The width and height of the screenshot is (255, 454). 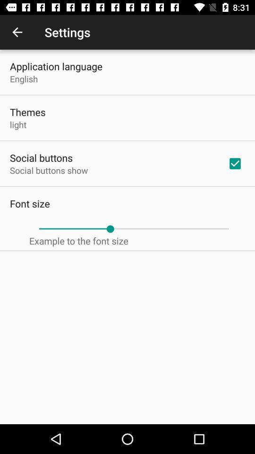 I want to click on item above social buttons icon, so click(x=18, y=124).